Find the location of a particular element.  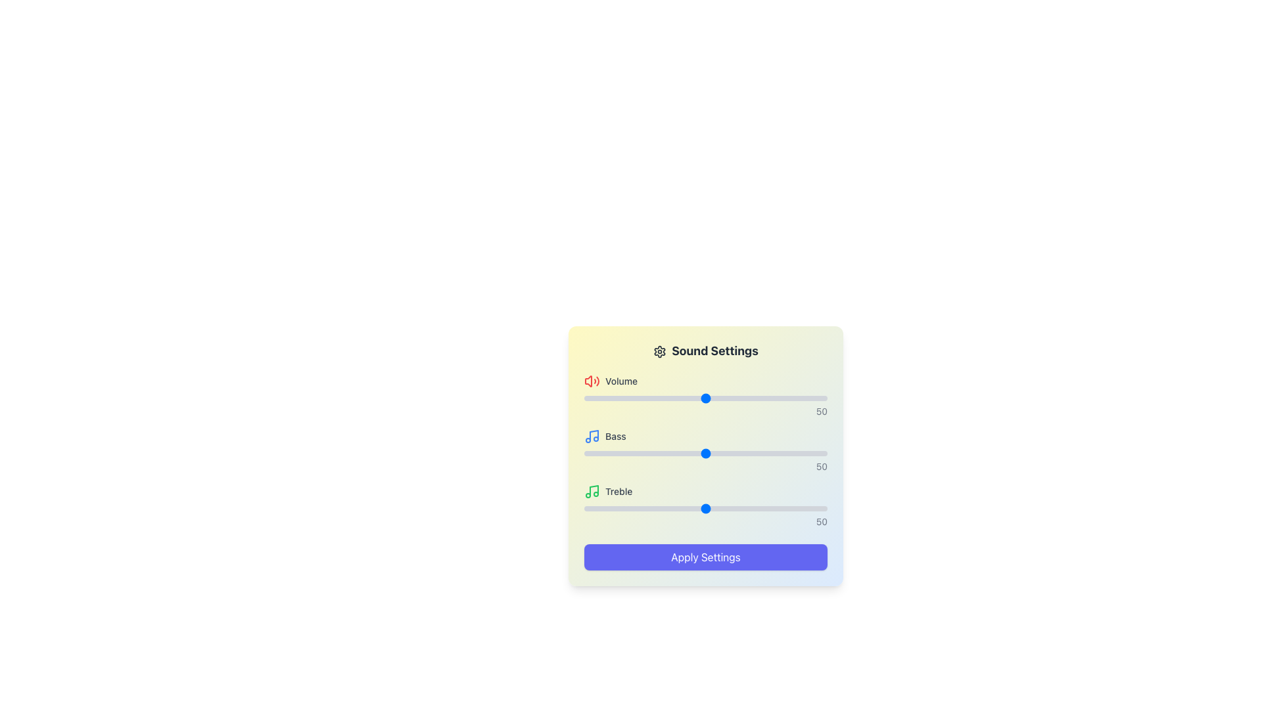

the volume is located at coordinates (817, 397).